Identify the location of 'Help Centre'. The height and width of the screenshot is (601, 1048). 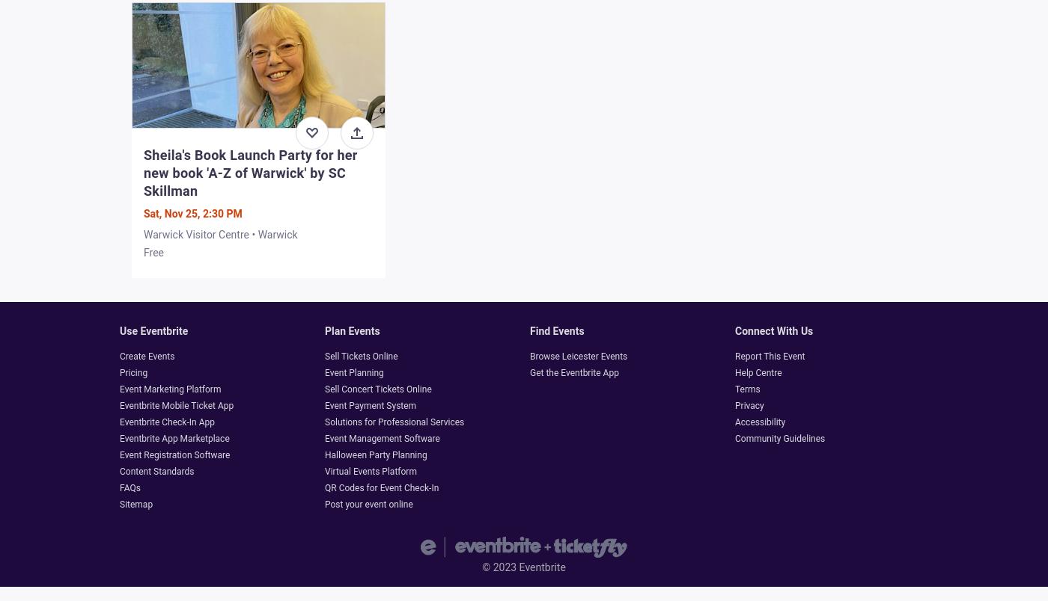
(758, 372).